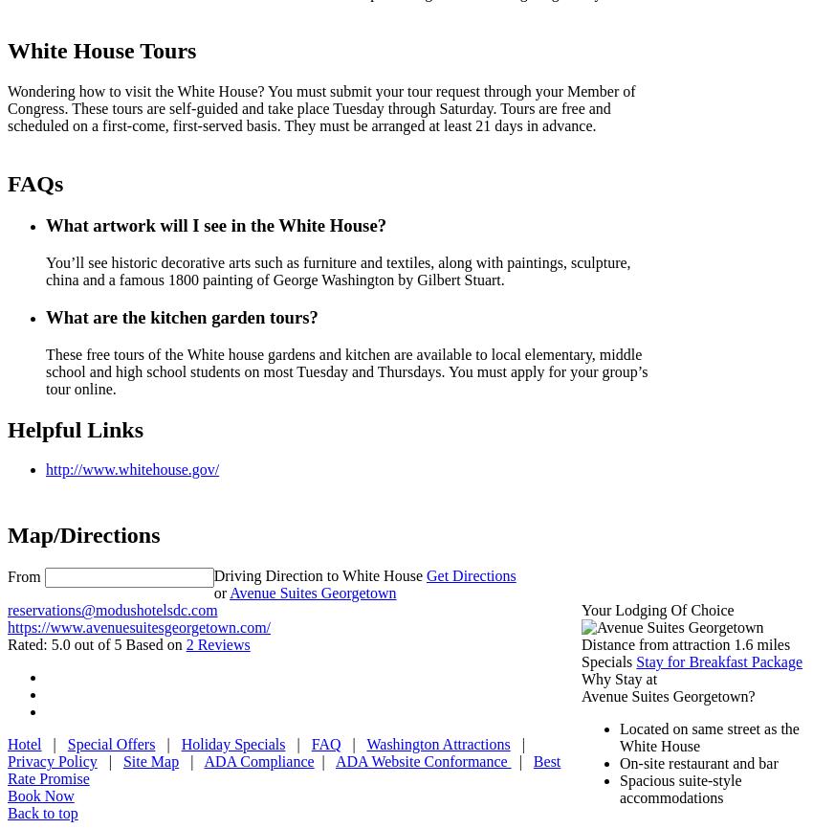 Image resolution: width=813 pixels, height=829 pixels. Describe the element at coordinates (52, 760) in the screenshot. I see `'Privacy Policy'` at that location.